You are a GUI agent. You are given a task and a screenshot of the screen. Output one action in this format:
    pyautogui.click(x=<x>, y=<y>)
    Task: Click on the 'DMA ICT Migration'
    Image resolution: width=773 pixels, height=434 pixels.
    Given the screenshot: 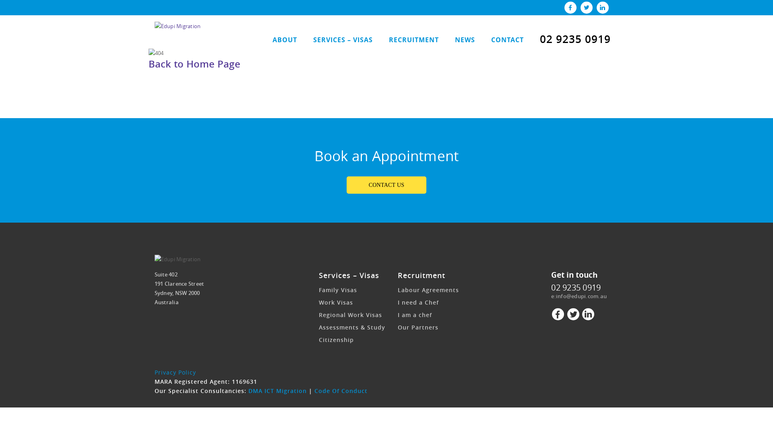 What is the action you would take?
    pyautogui.click(x=247, y=390)
    